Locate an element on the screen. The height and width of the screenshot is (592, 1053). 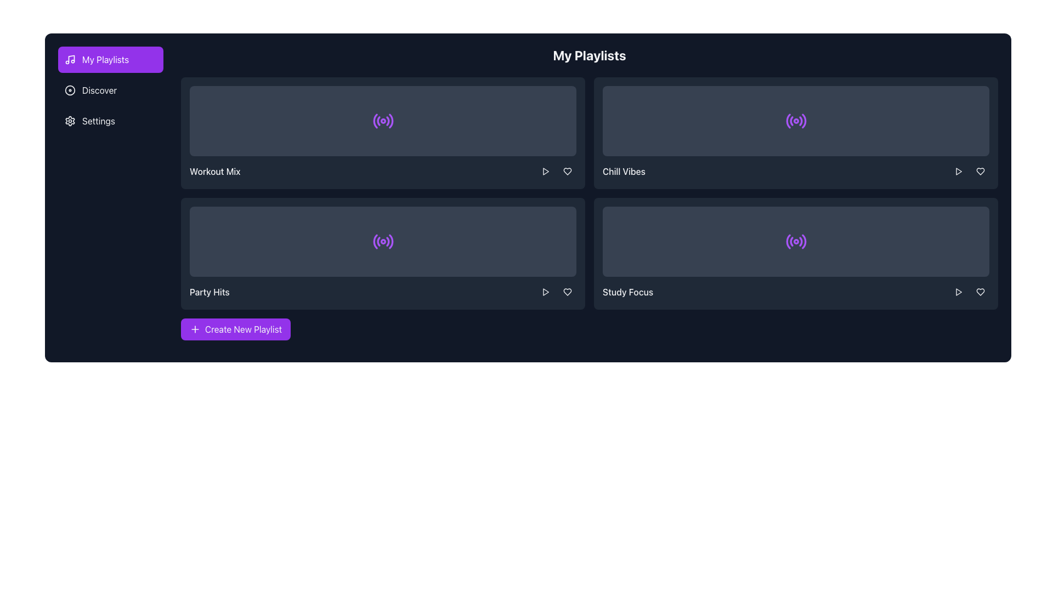
the heart-shaped like icon in the top-right quadrant of the 'Workout Mix' playlist to like or unlike the playlist is located at coordinates (568, 171).